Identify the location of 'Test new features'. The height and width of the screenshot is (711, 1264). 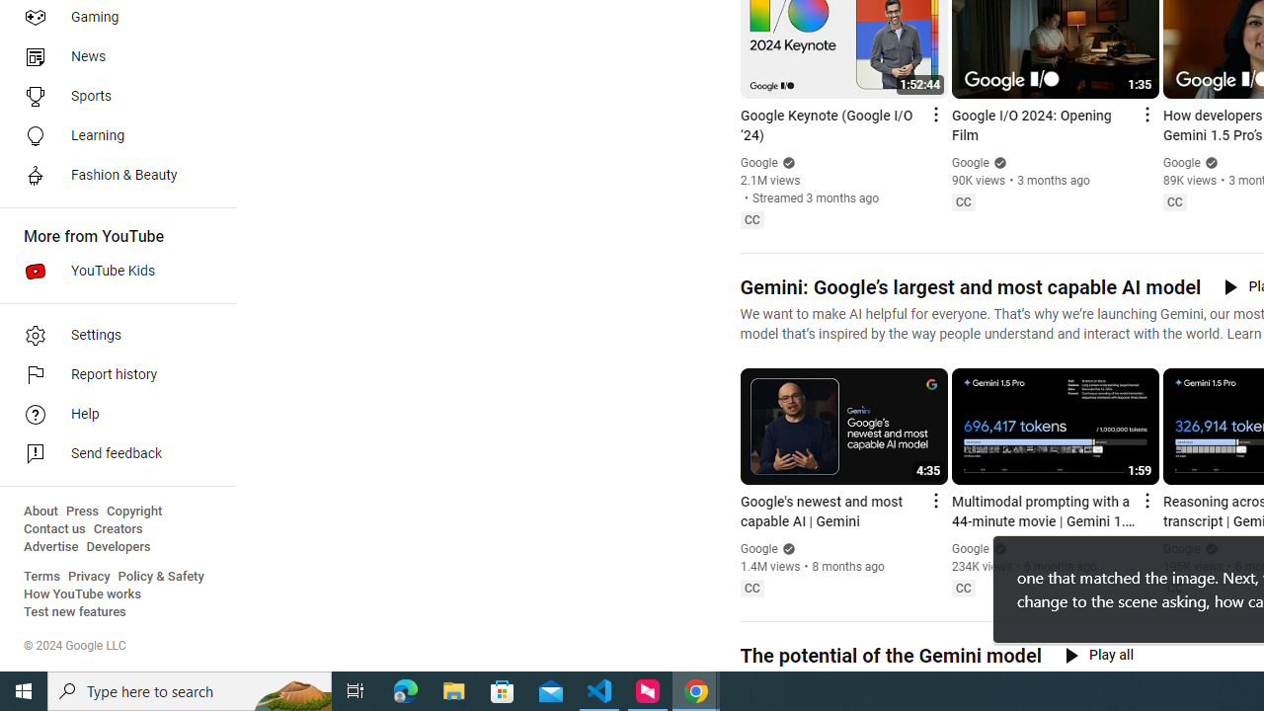
(75, 611).